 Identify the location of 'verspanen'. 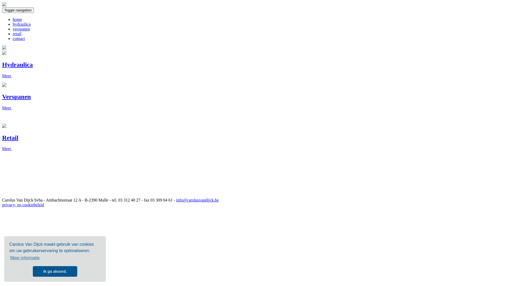
(21, 29).